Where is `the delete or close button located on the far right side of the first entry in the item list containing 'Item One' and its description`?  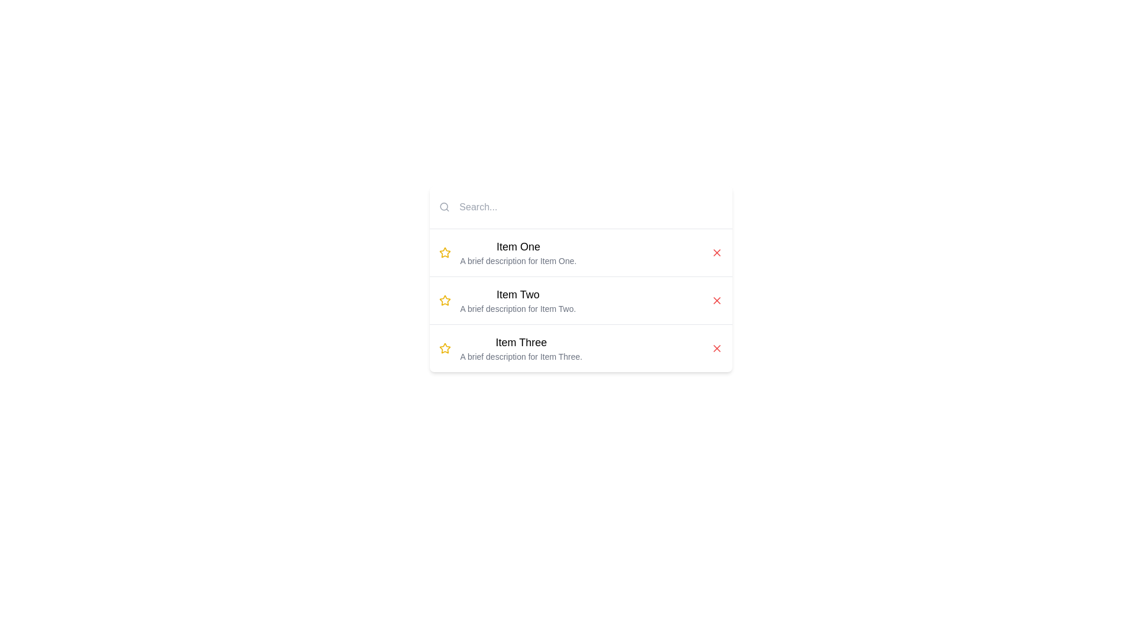
the delete or close button located on the far right side of the first entry in the item list containing 'Item One' and its description is located at coordinates (716, 252).